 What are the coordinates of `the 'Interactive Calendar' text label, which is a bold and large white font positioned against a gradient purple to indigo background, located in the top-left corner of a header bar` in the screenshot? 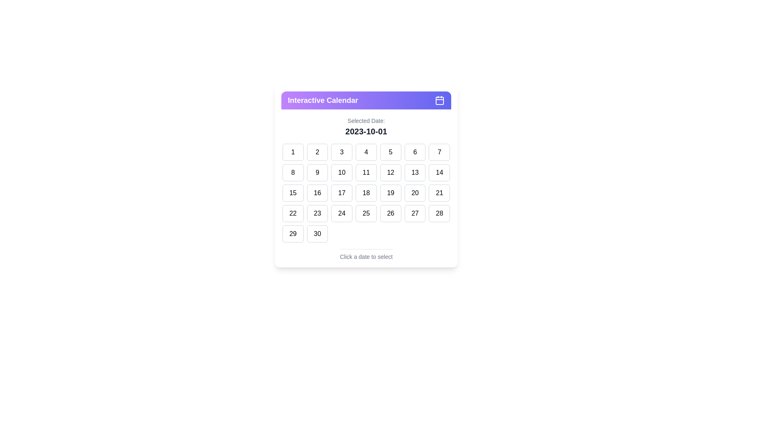 It's located at (323, 100).